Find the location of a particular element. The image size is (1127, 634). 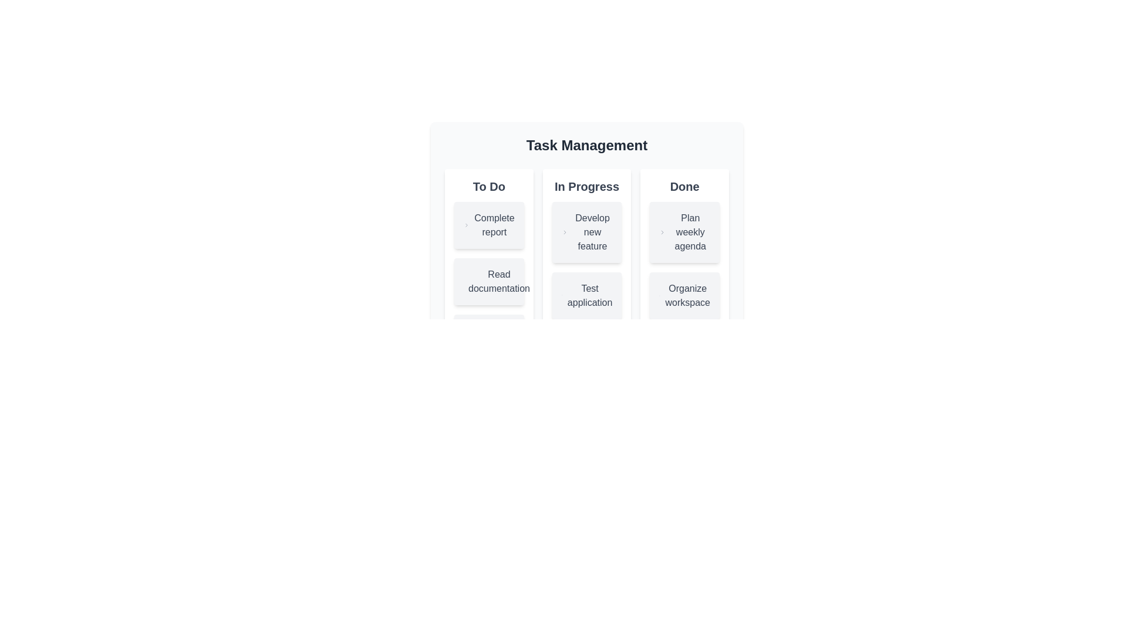

the text label with an icon in the 'To Do' column, located in the second row of tasks is located at coordinates (489, 281).